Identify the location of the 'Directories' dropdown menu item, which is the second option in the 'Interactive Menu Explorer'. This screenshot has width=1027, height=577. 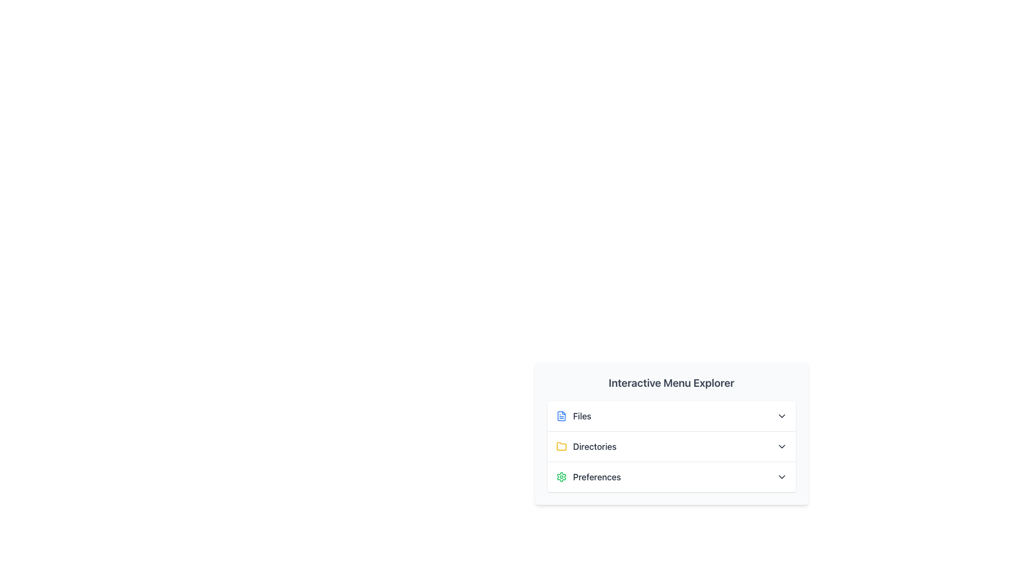
(671, 447).